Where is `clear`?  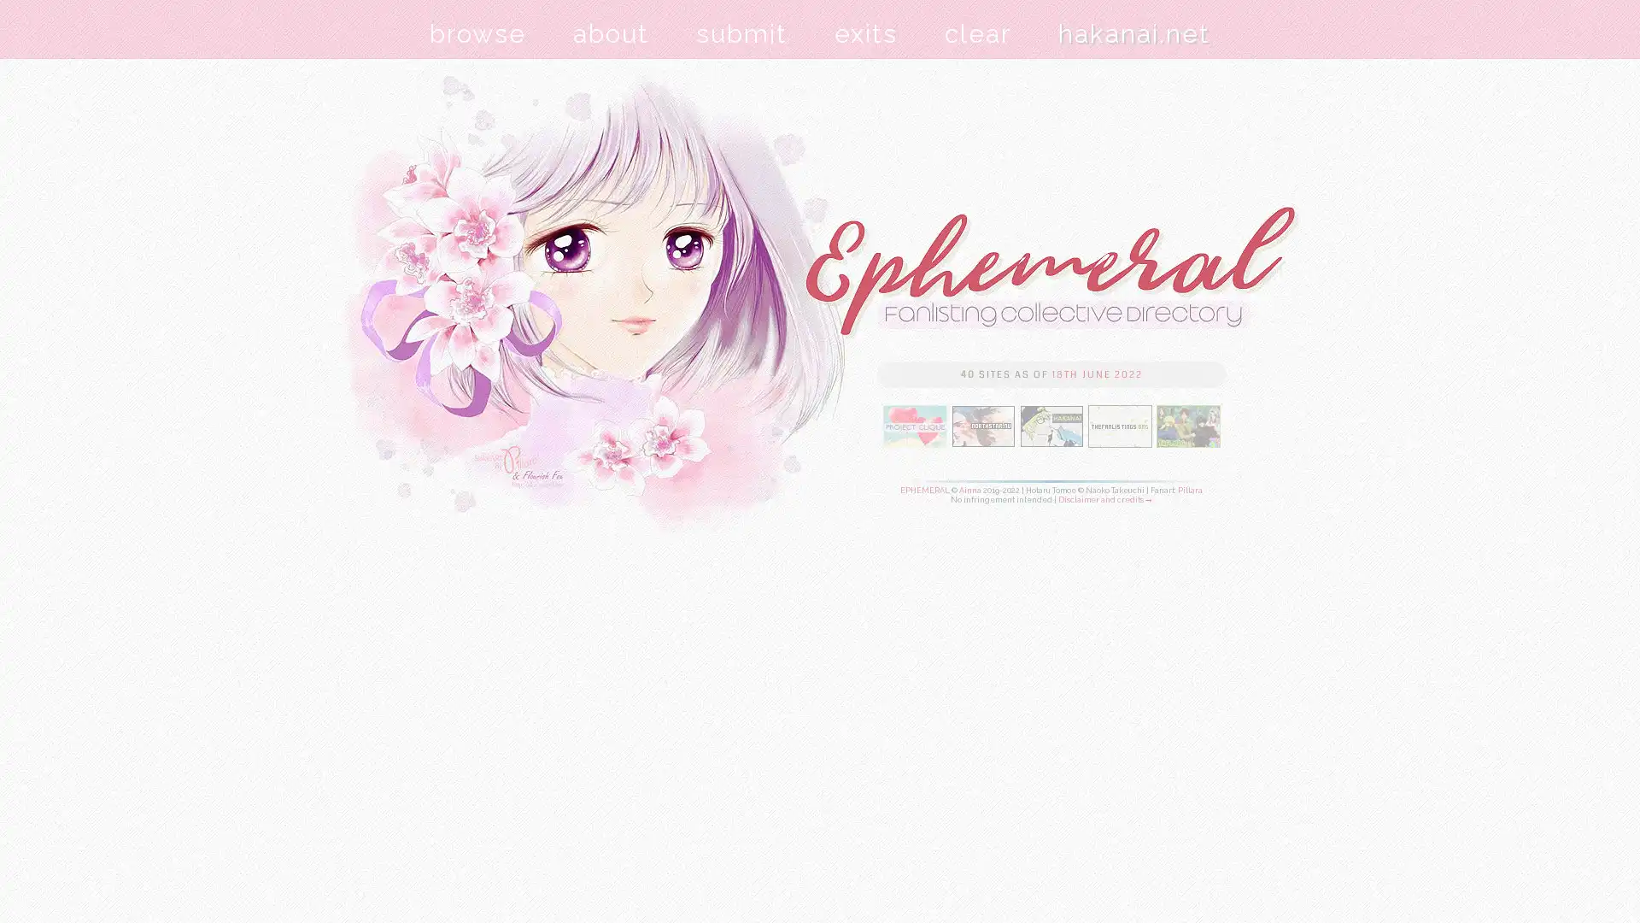
clear is located at coordinates (978, 33).